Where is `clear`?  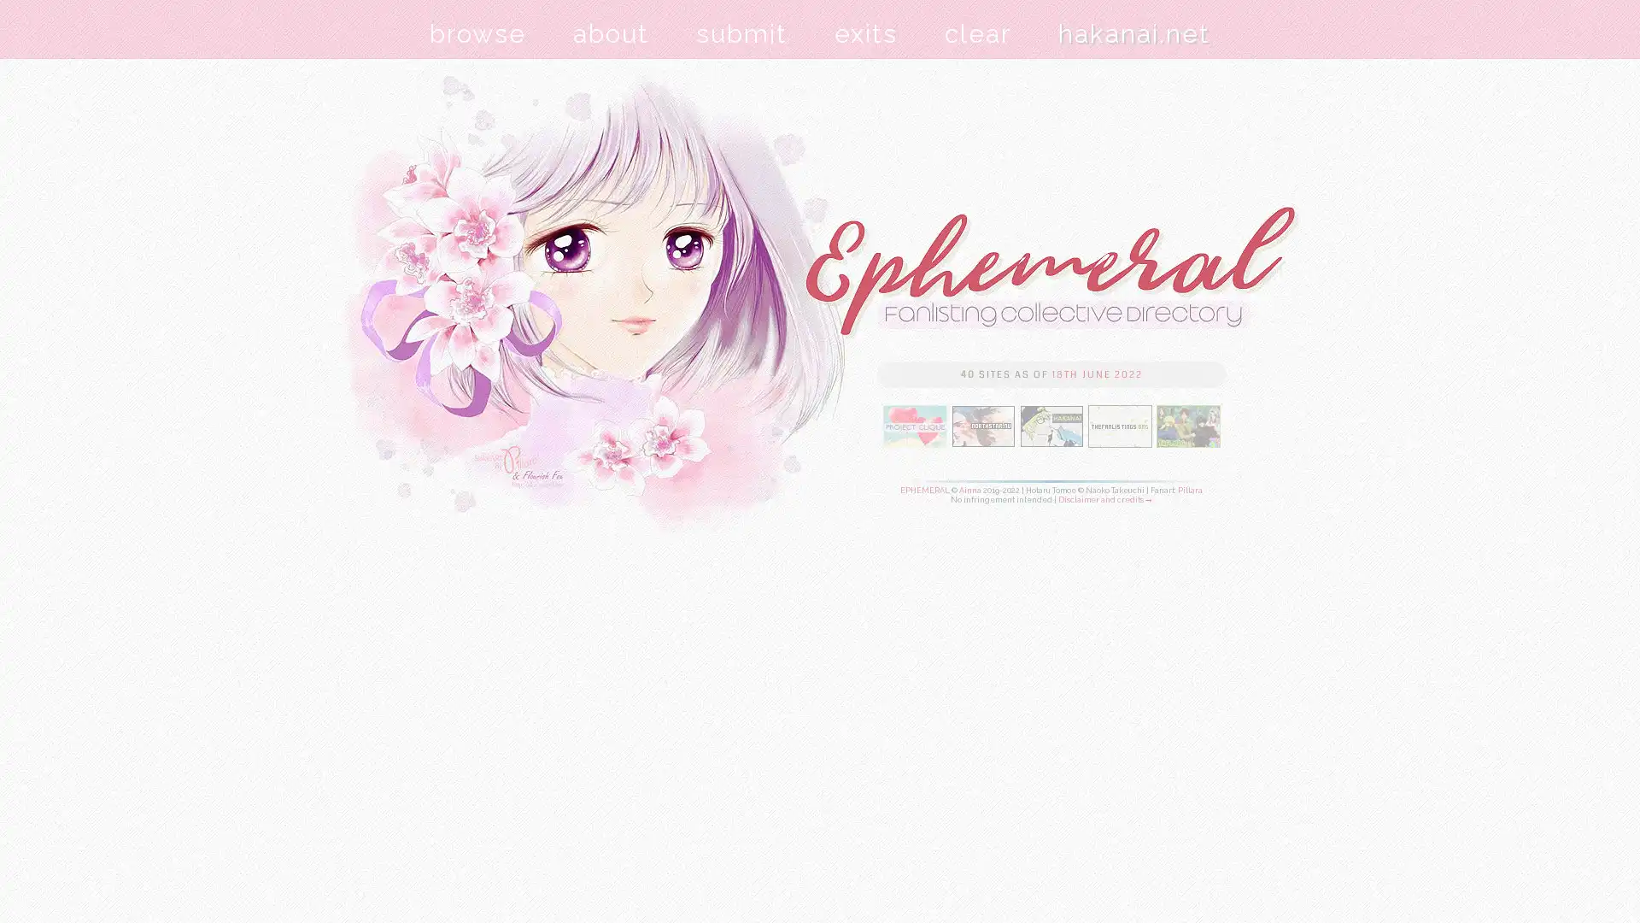
clear is located at coordinates (978, 33).